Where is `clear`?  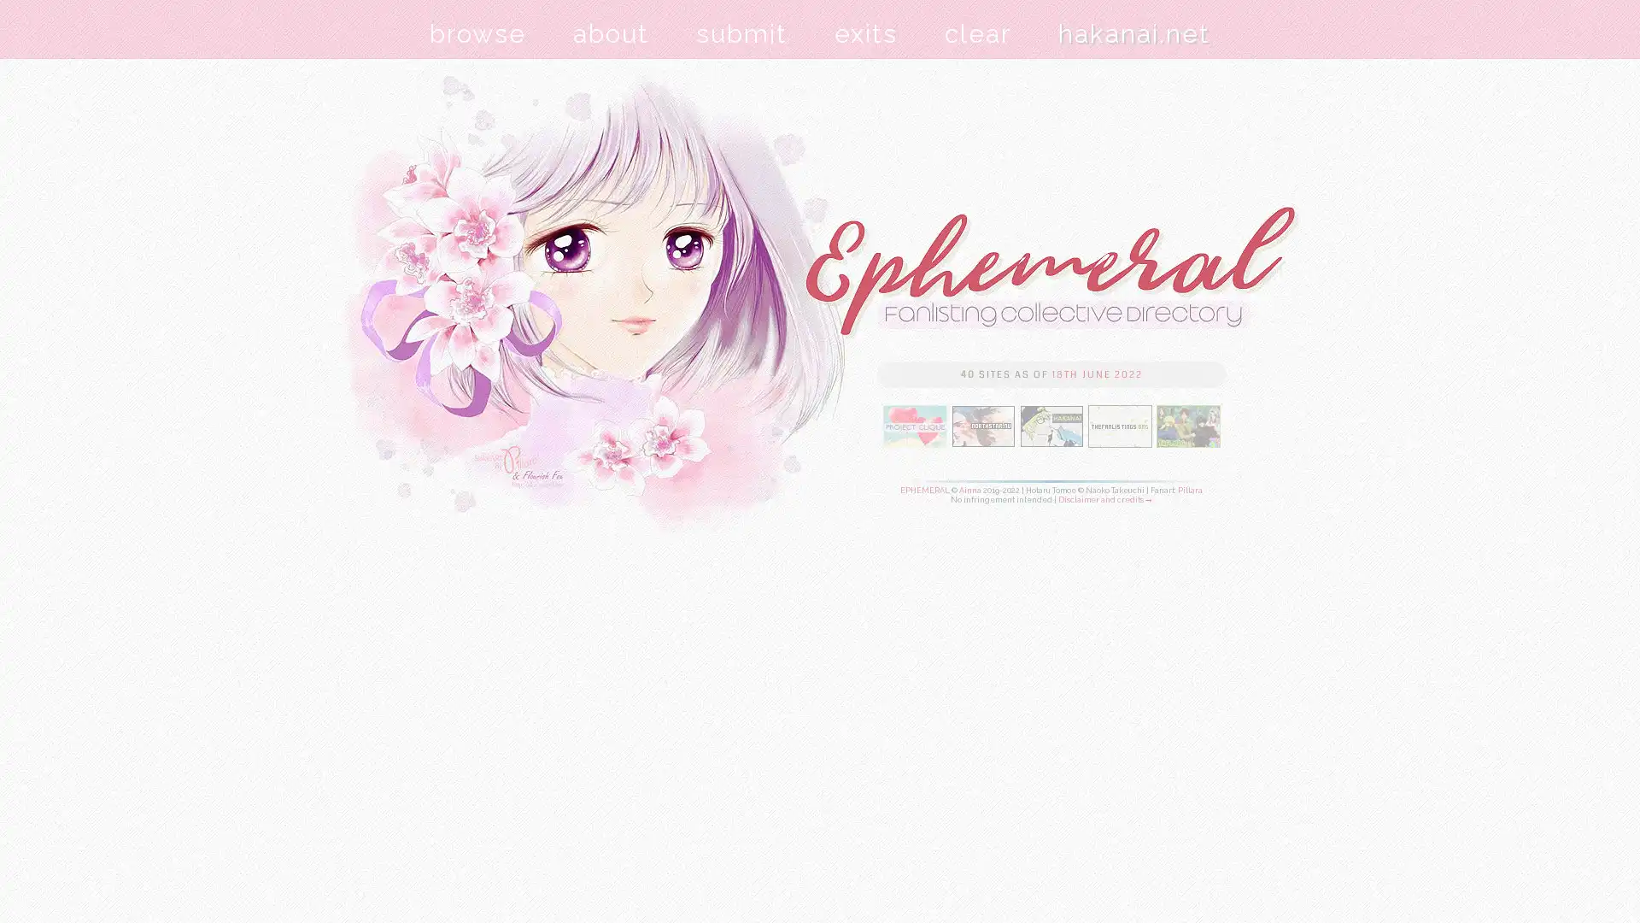
clear is located at coordinates (978, 33).